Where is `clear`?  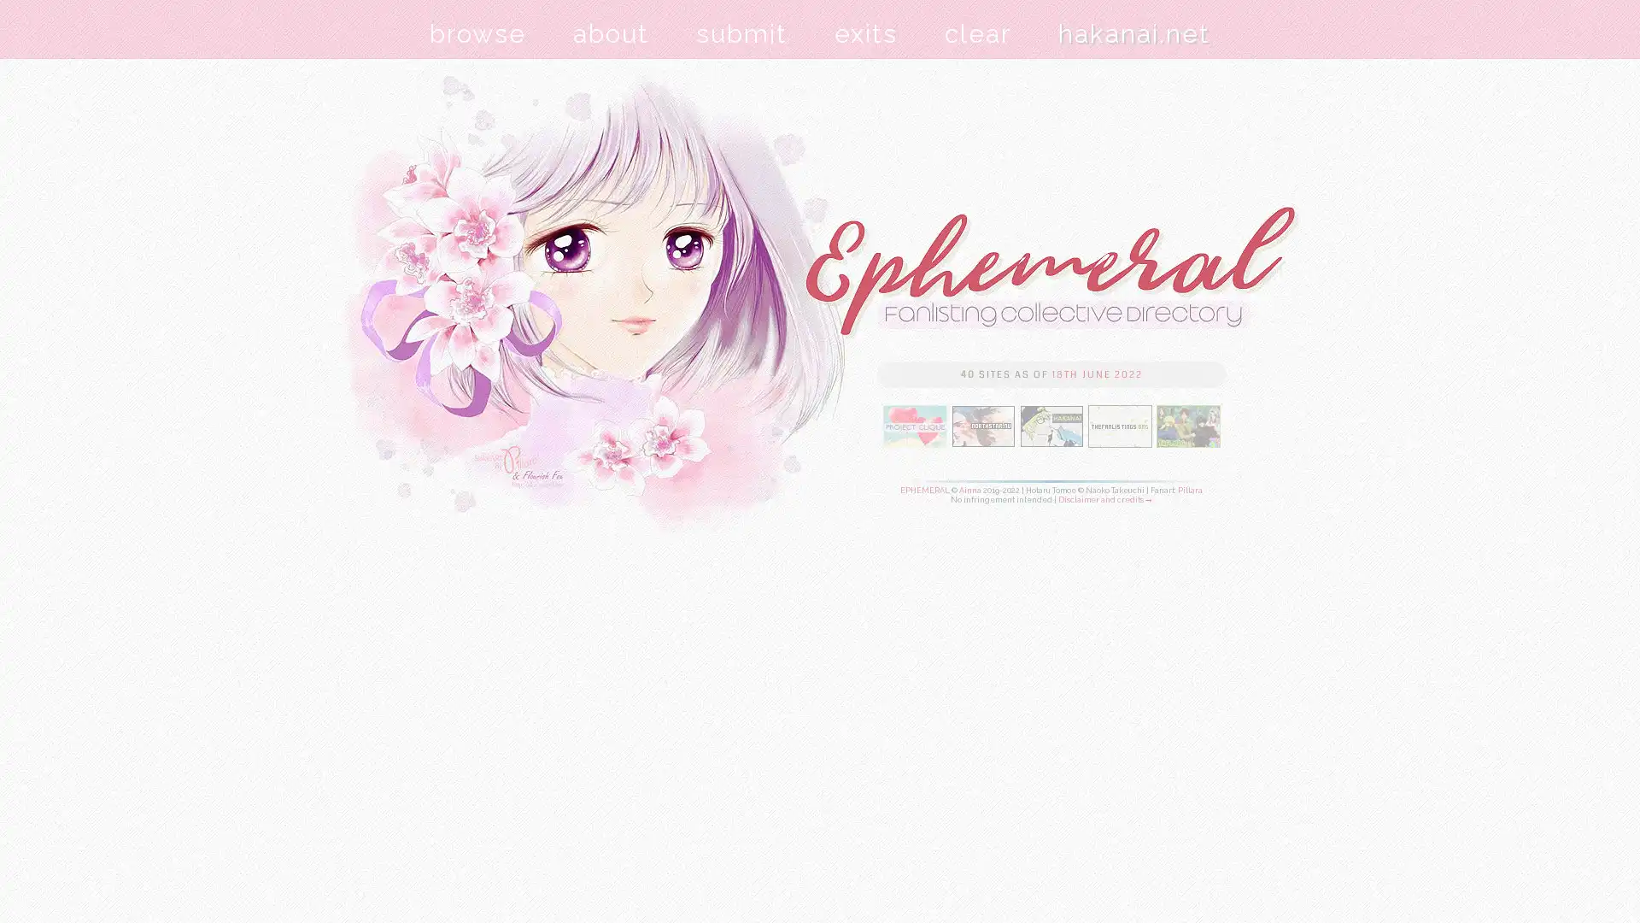
clear is located at coordinates (978, 33).